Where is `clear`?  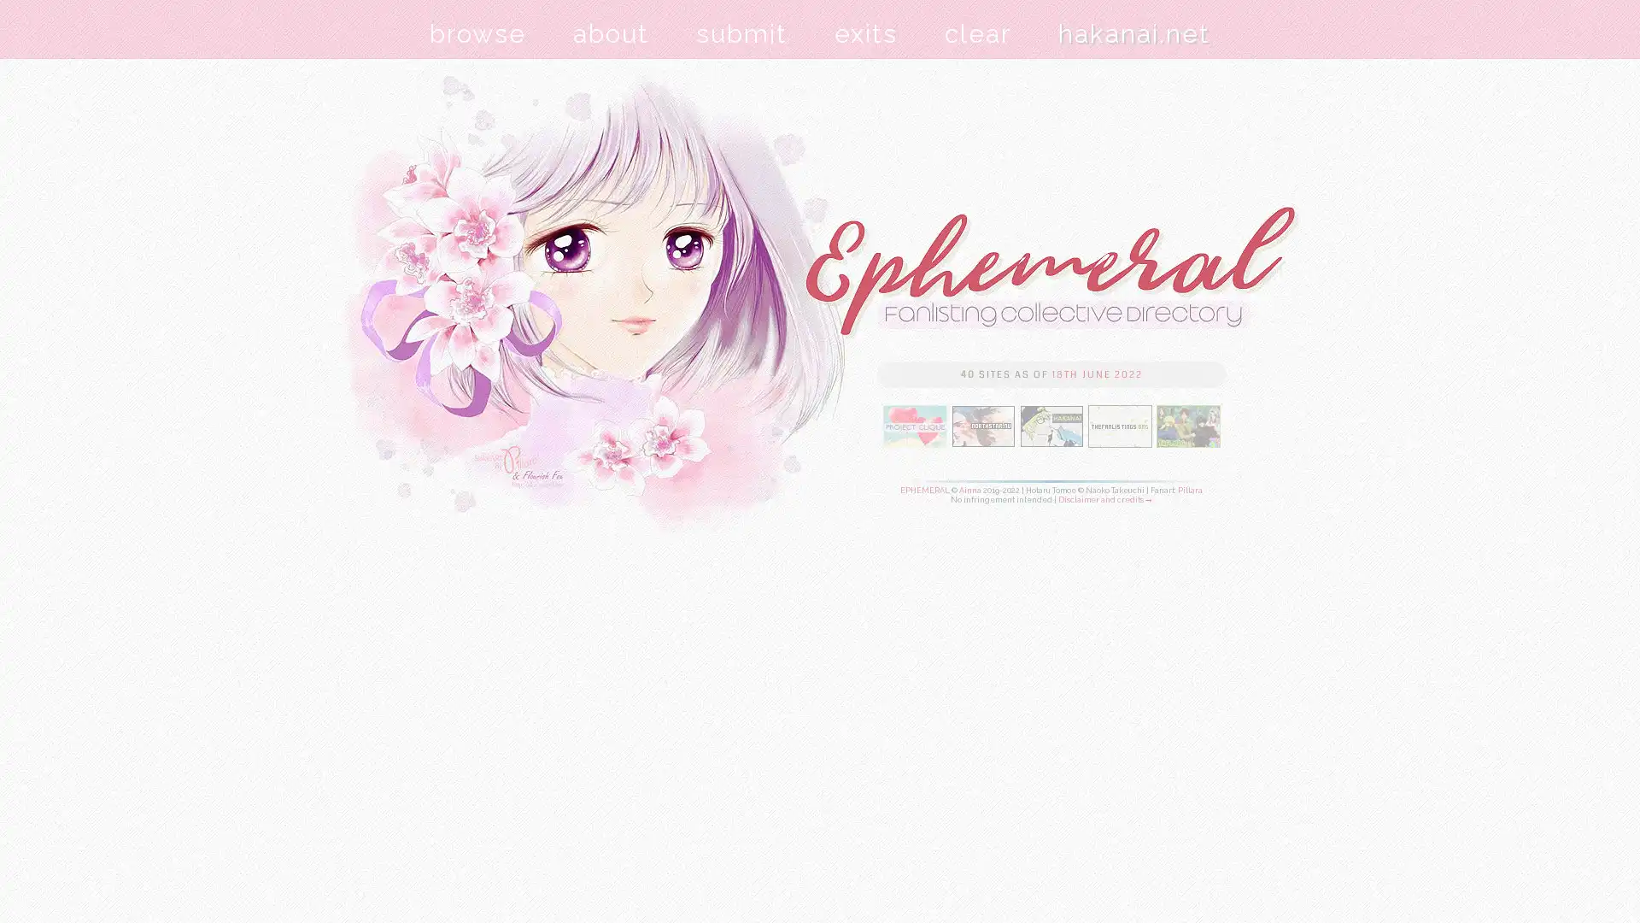
clear is located at coordinates (978, 33).